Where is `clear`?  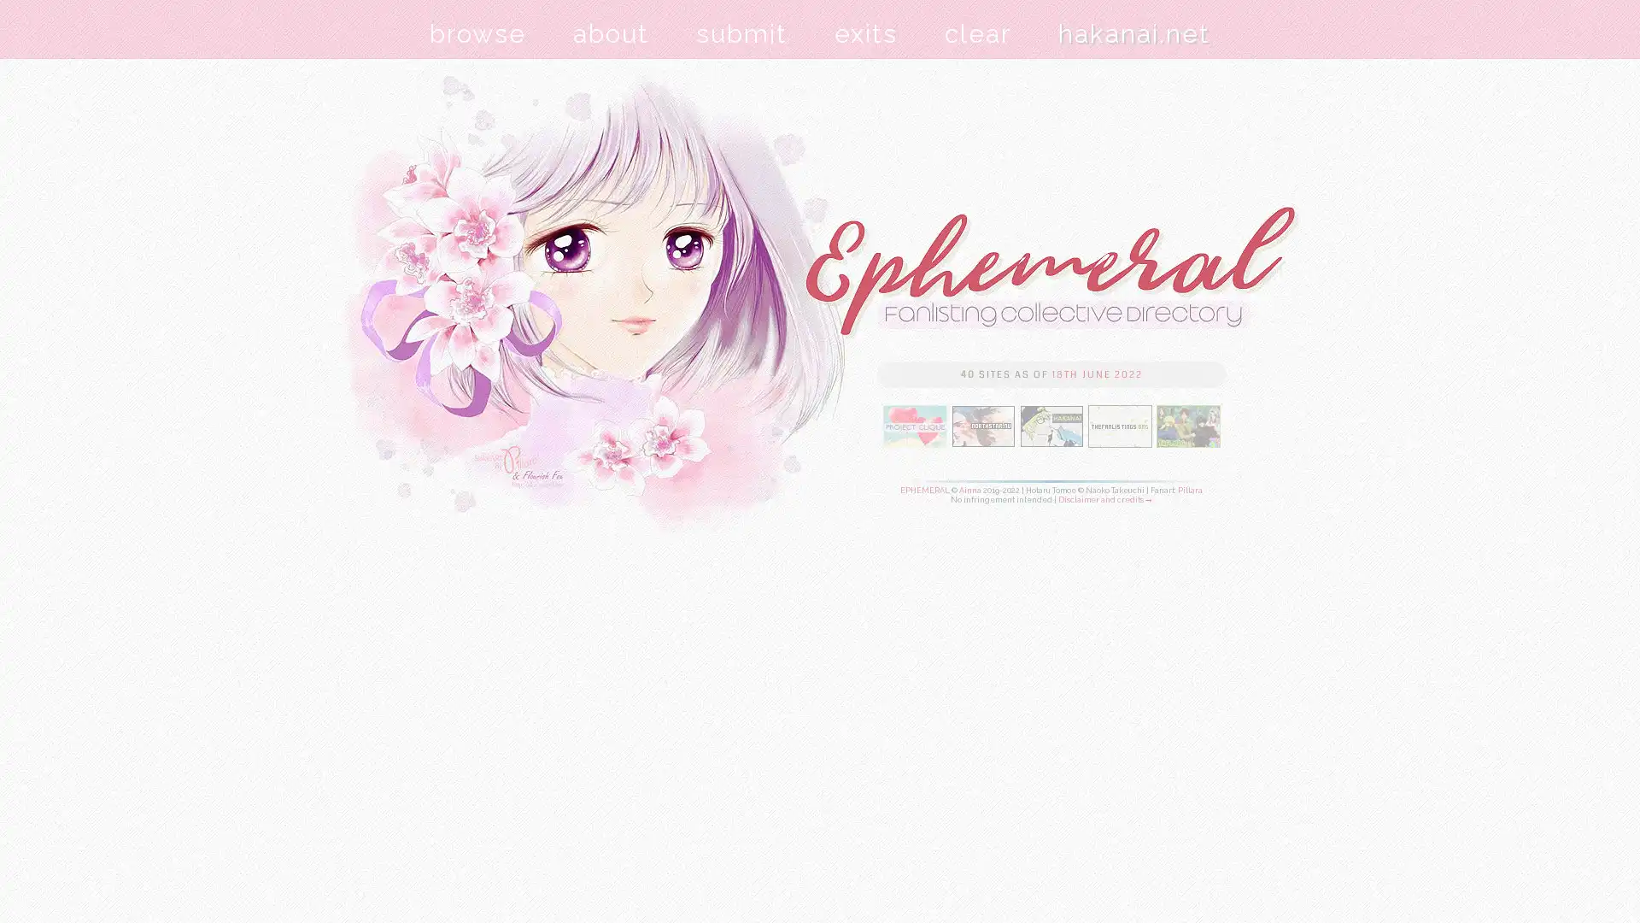
clear is located at coordinates (978, 33).